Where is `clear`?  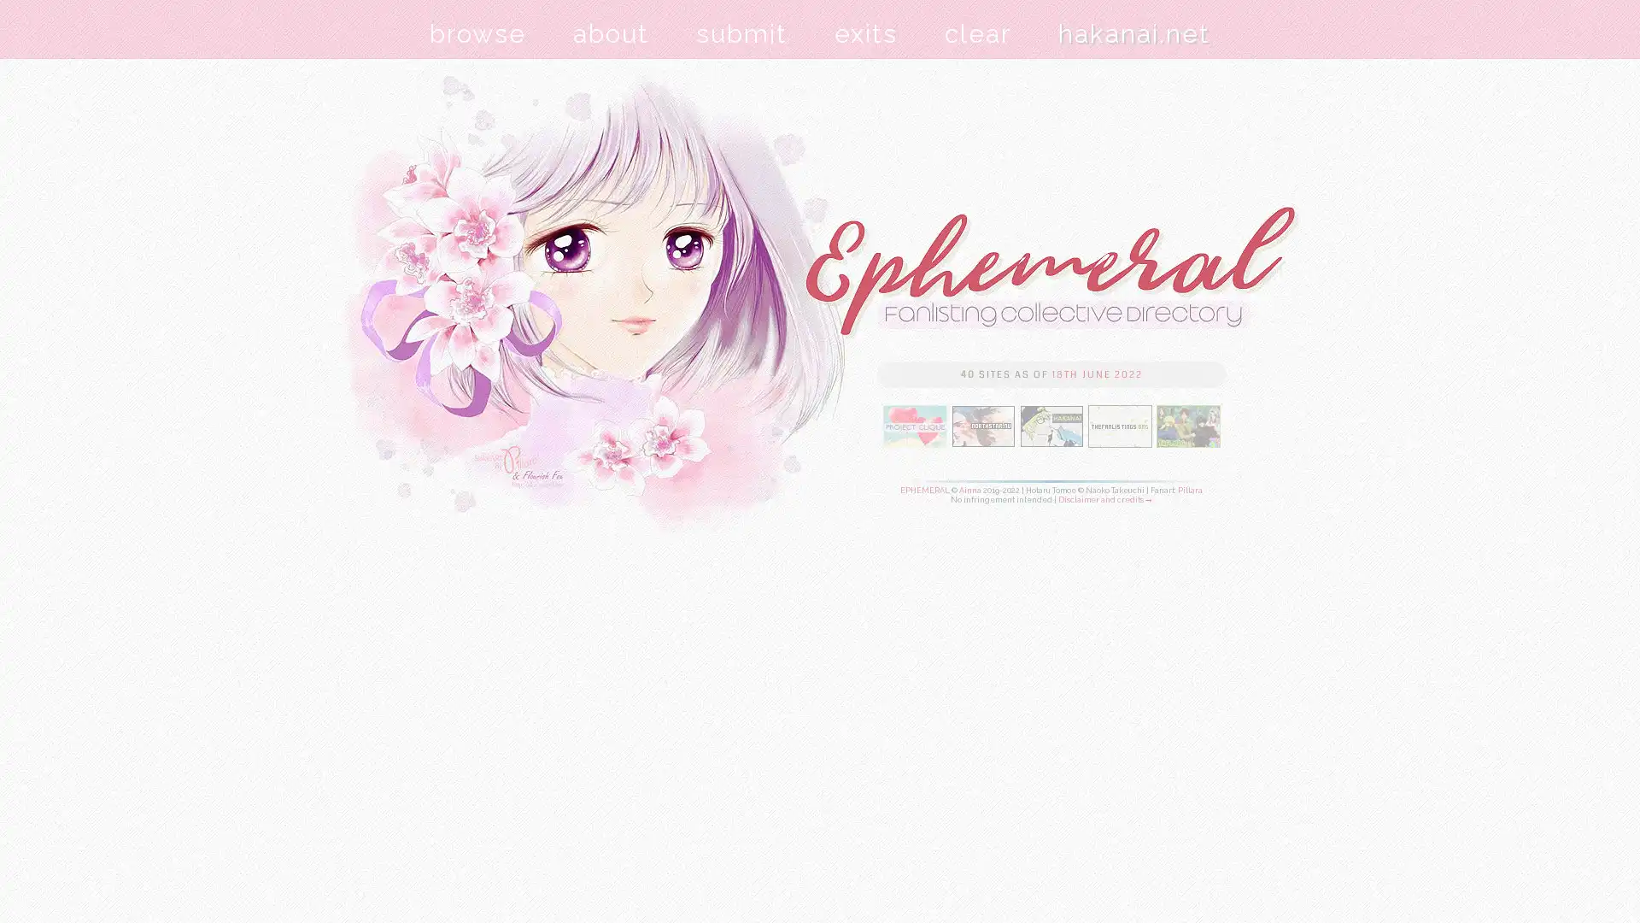
clear is located at coordinates (978, 33).